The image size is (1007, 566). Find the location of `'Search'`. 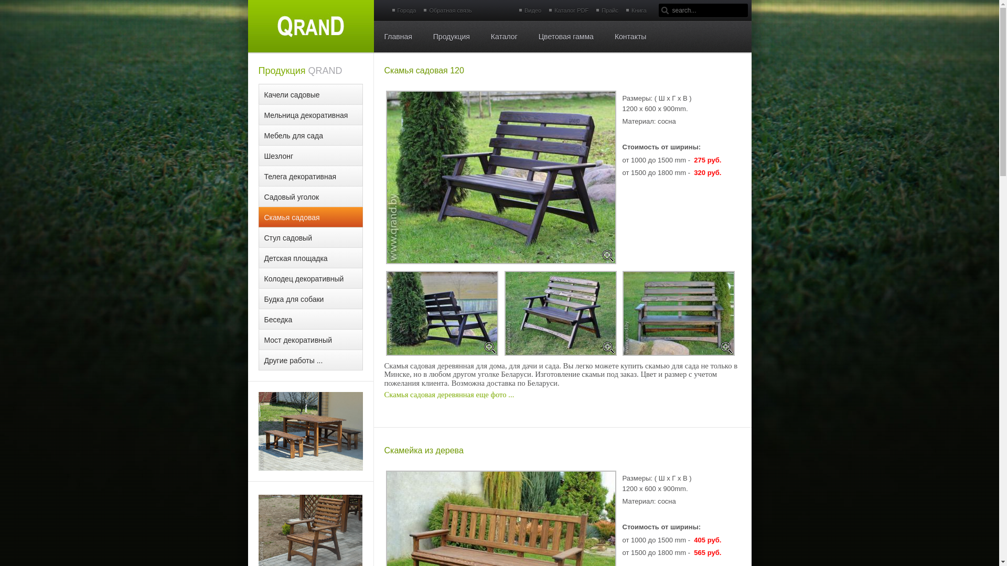

'Search' is located at coordinates (665, 10).